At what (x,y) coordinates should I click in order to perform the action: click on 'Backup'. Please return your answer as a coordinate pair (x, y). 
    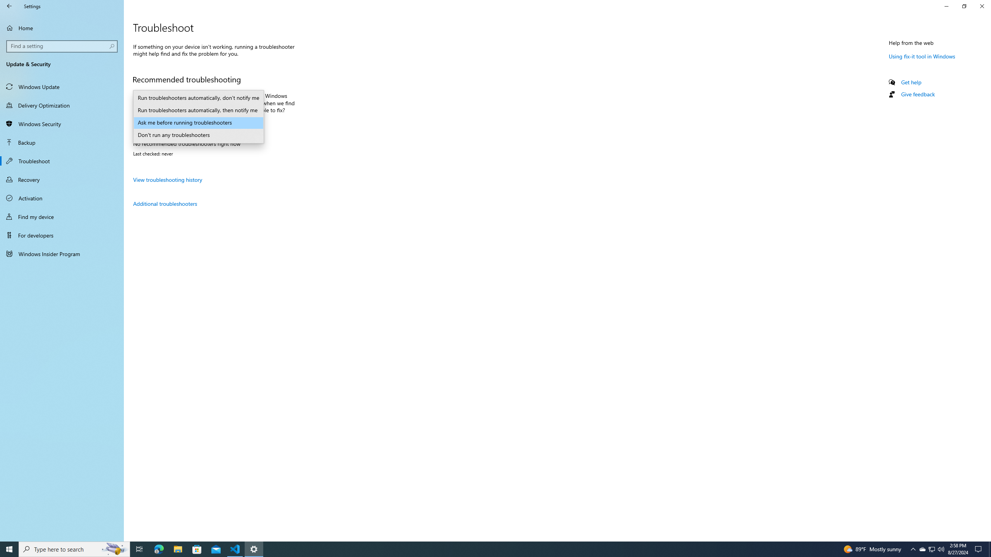
    Looking at the image, I should click on (62, 142).